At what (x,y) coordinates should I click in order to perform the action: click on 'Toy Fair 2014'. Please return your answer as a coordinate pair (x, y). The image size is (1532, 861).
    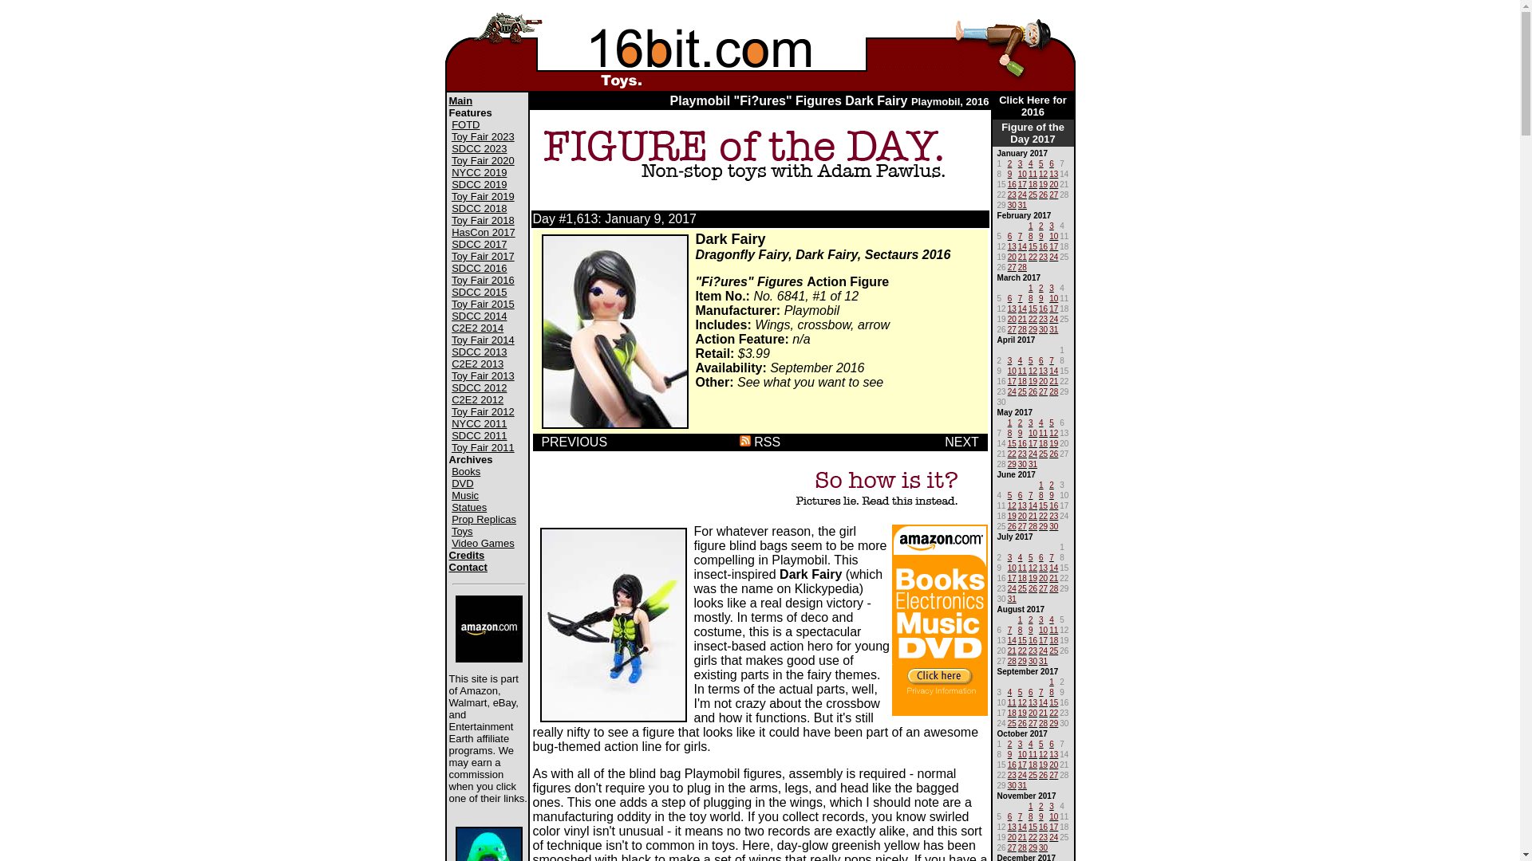
    Looking at the image, I should click on (451, 339).